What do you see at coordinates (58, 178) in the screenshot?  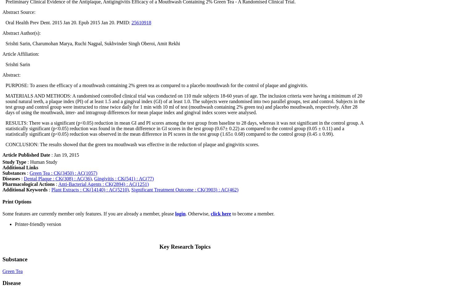 I see `'Dental Plaque : CK(308) : AC(36)'` at bounding box center [58, 178].